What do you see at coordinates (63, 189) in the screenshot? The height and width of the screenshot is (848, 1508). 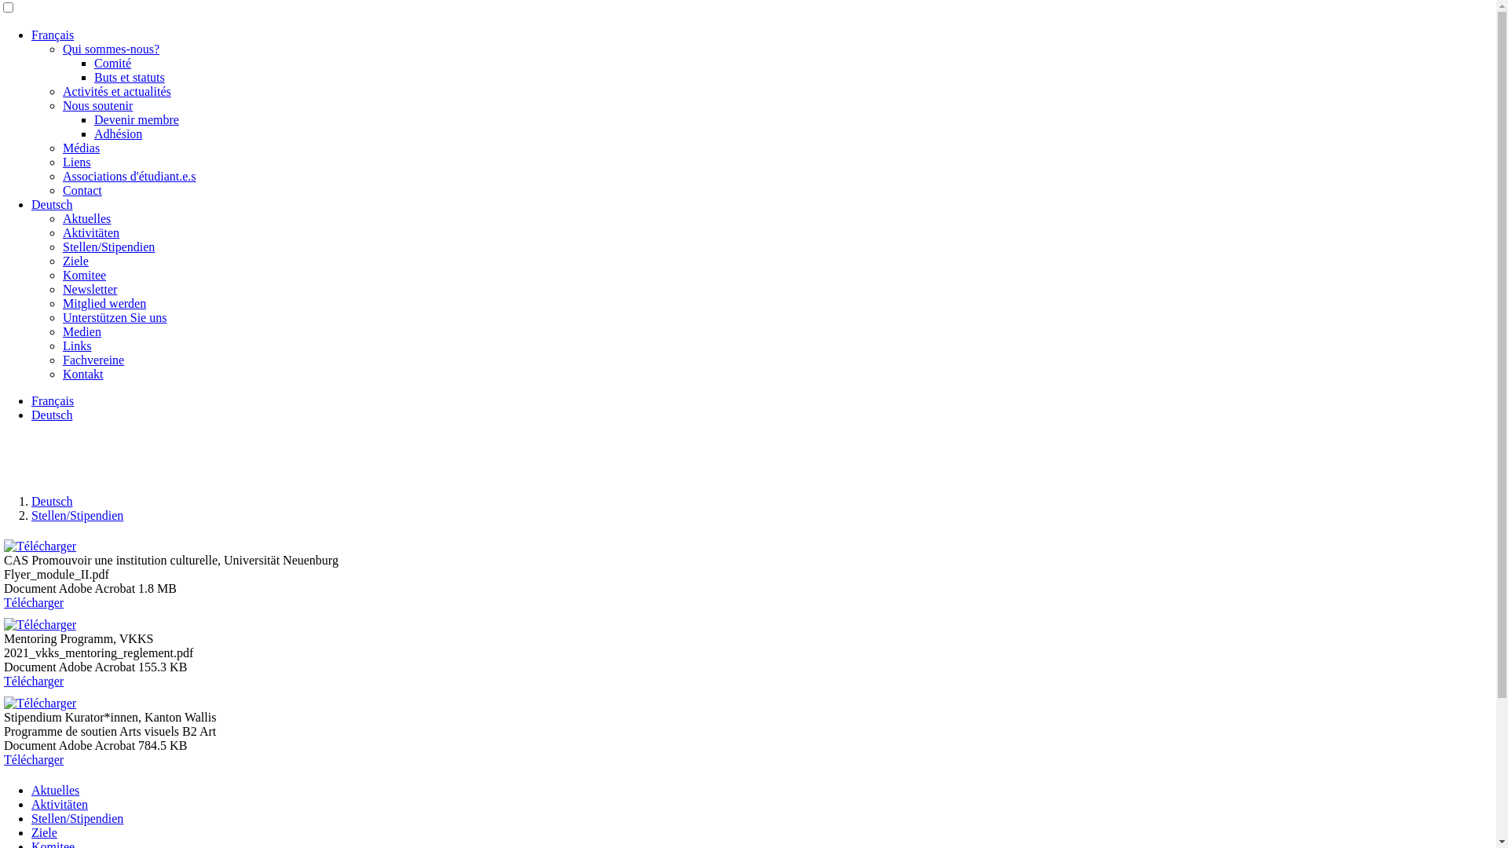 I see `'Contact'` at bounding box center [63, 189].